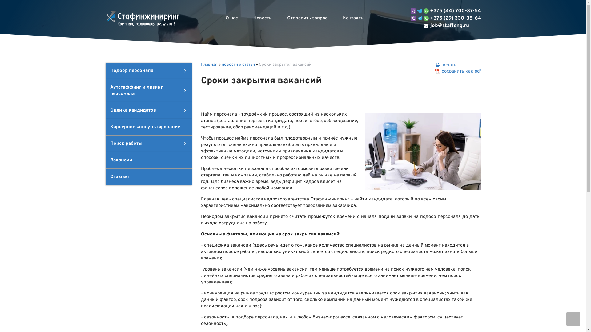 This screenshot has height=332, width=591. What do you see at coordinates (440, 26) in the screenshot?
I see `'job@staffeng.ru'` at bounding box center [440, 26].